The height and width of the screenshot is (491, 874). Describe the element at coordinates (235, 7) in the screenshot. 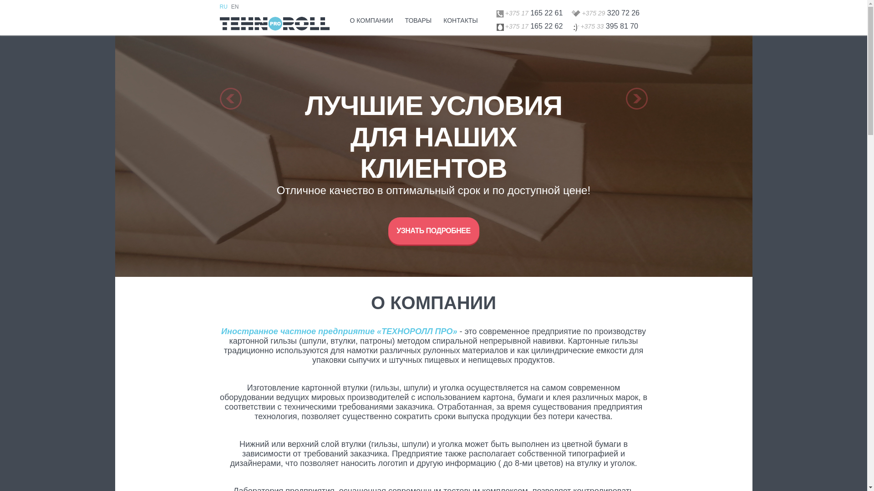

I see `'EN'` at that location.